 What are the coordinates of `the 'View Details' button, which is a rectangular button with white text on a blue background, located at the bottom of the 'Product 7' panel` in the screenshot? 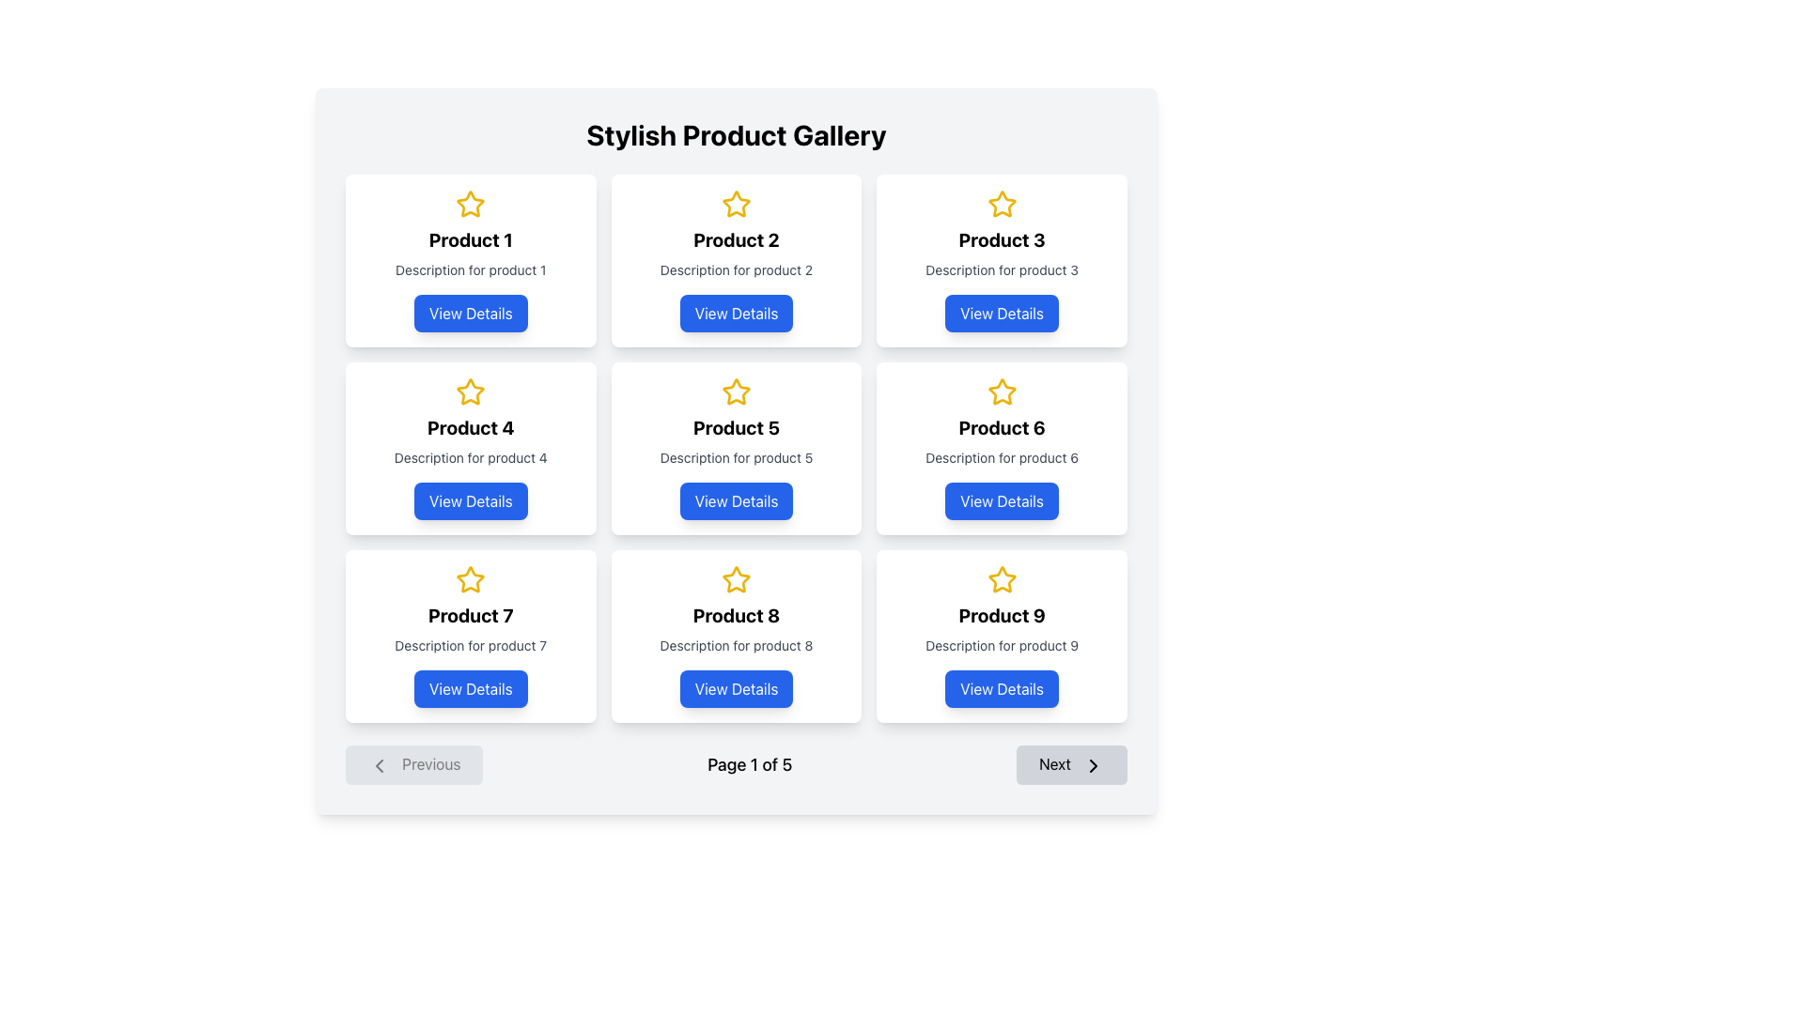 It's located at (471, 688).